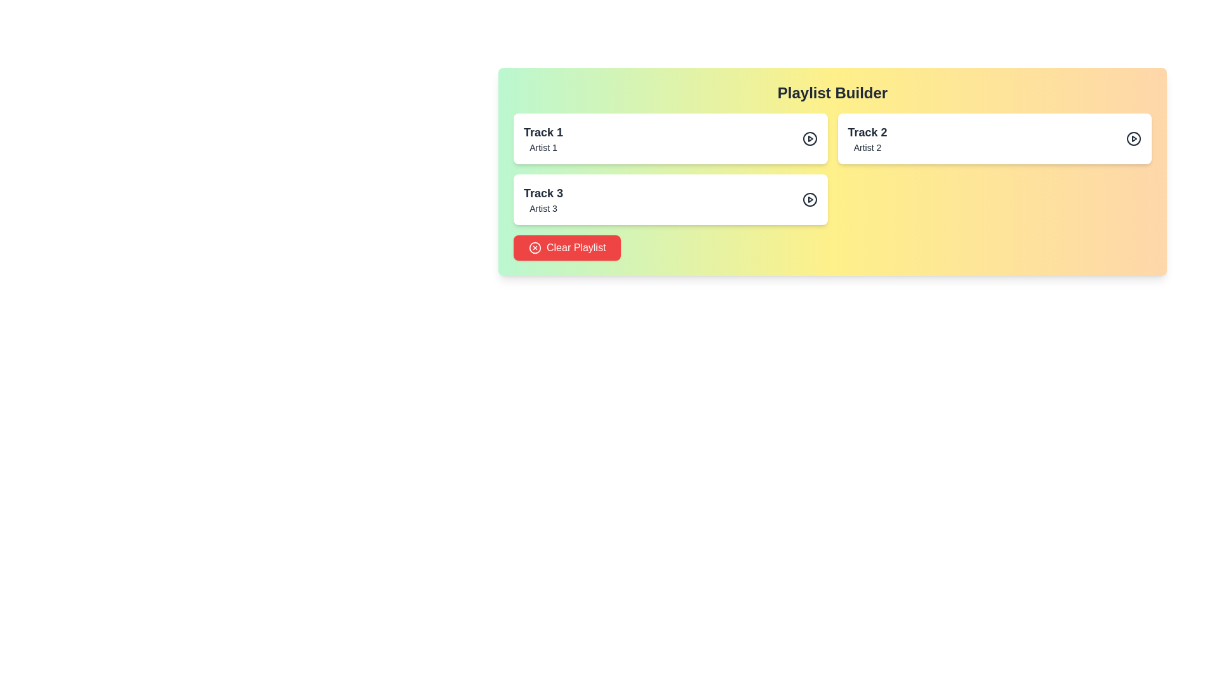 Image resolution: width=1219 pixels, height=685 pixels. Describe the element at coordinates (670, 200) in the screenshot. I see `the track 3 to observe the hover effect` at that location.